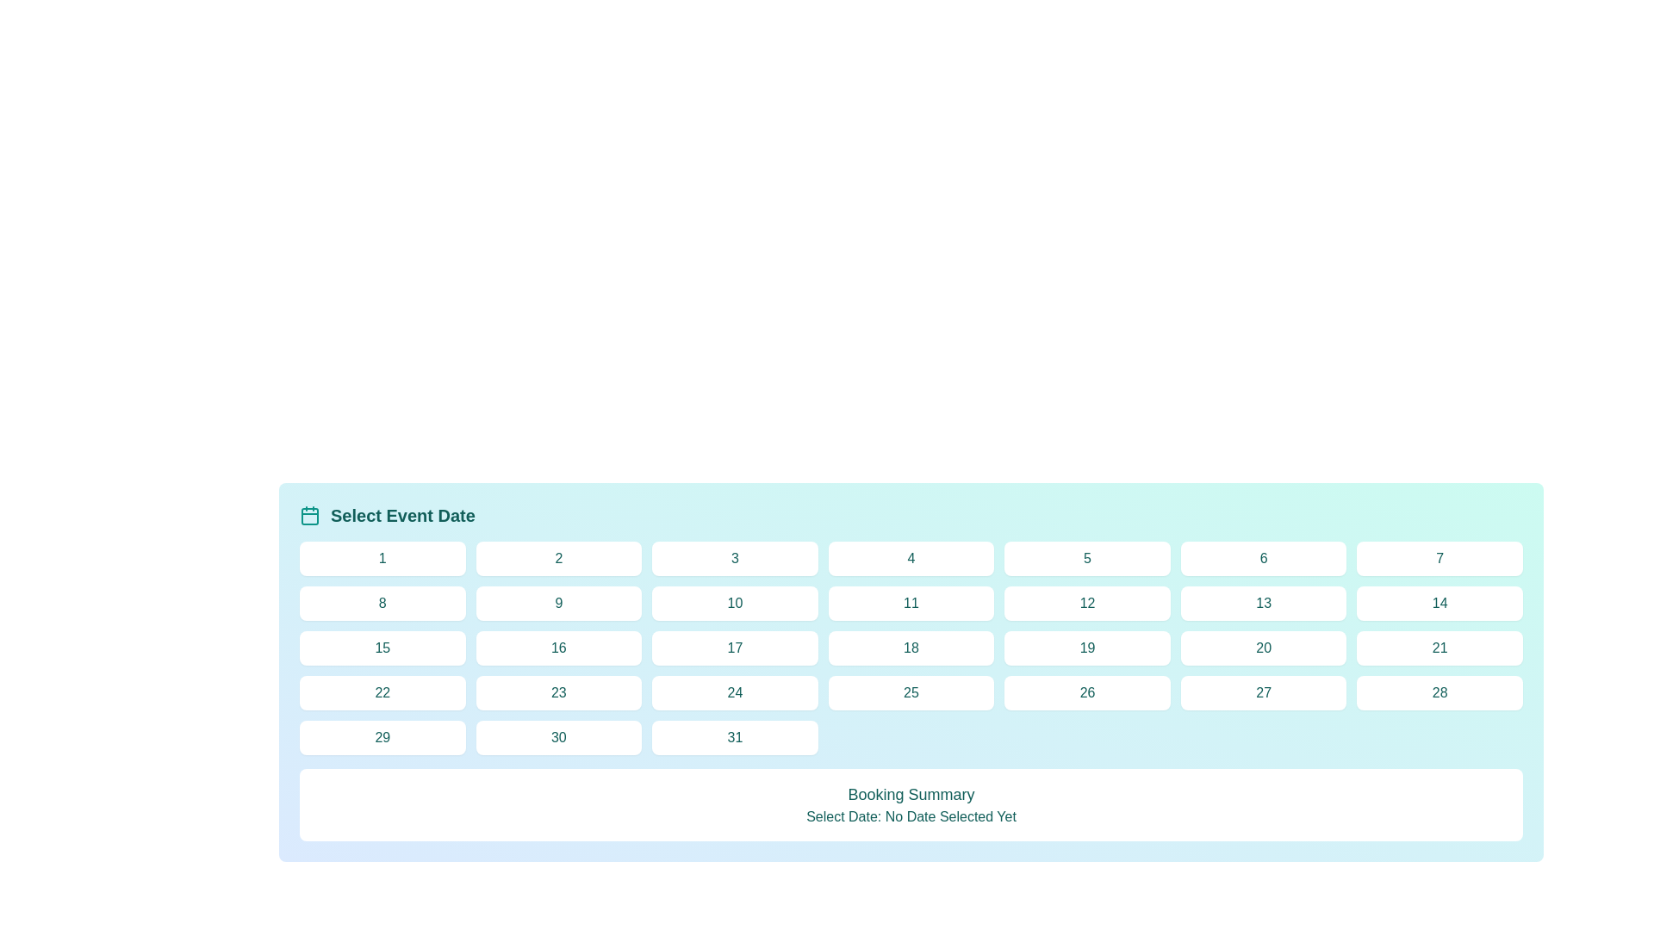 The height and width of the screenshot is (930, 1654). Describe the element at coordinates (1264, 603) in the screenshot. I see `the rectangular button displaying the number '13' in a bold teal font` at that location.